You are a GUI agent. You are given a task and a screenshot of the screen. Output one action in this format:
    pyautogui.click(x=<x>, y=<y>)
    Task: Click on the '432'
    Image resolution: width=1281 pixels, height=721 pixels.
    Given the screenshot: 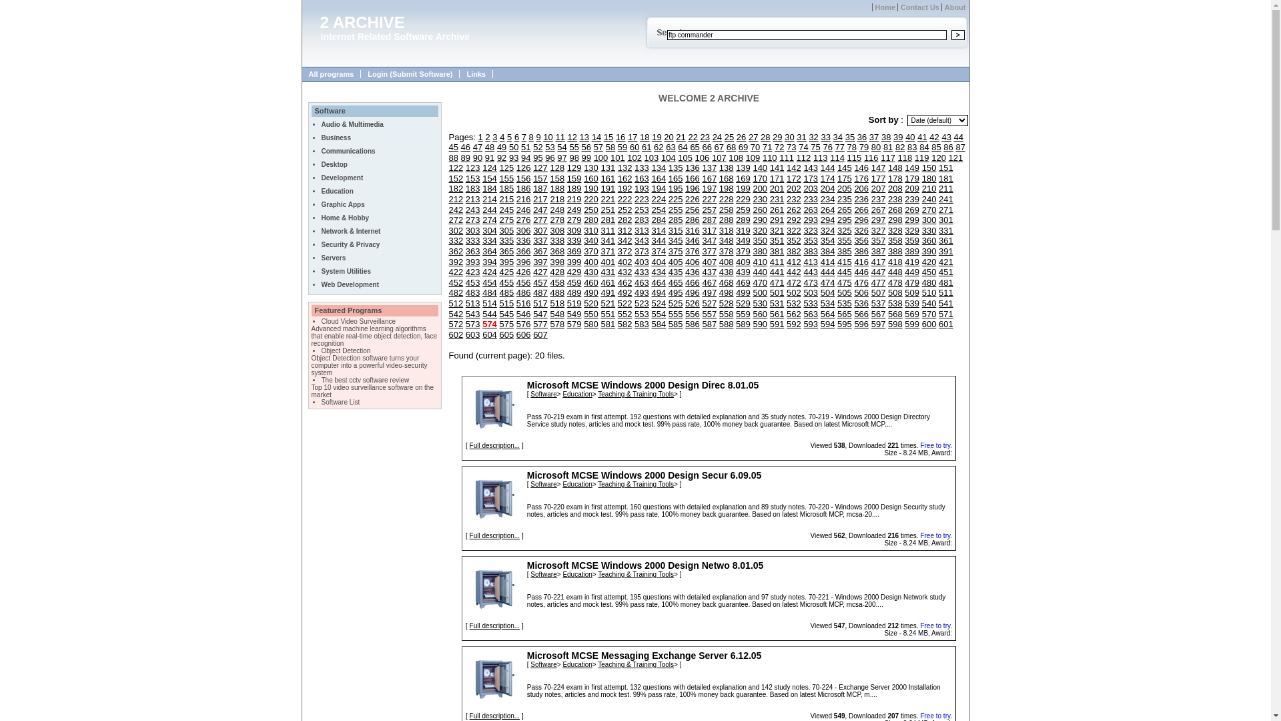 What is the action you would take?
    pyautogui.click(x=624, y=271)
    